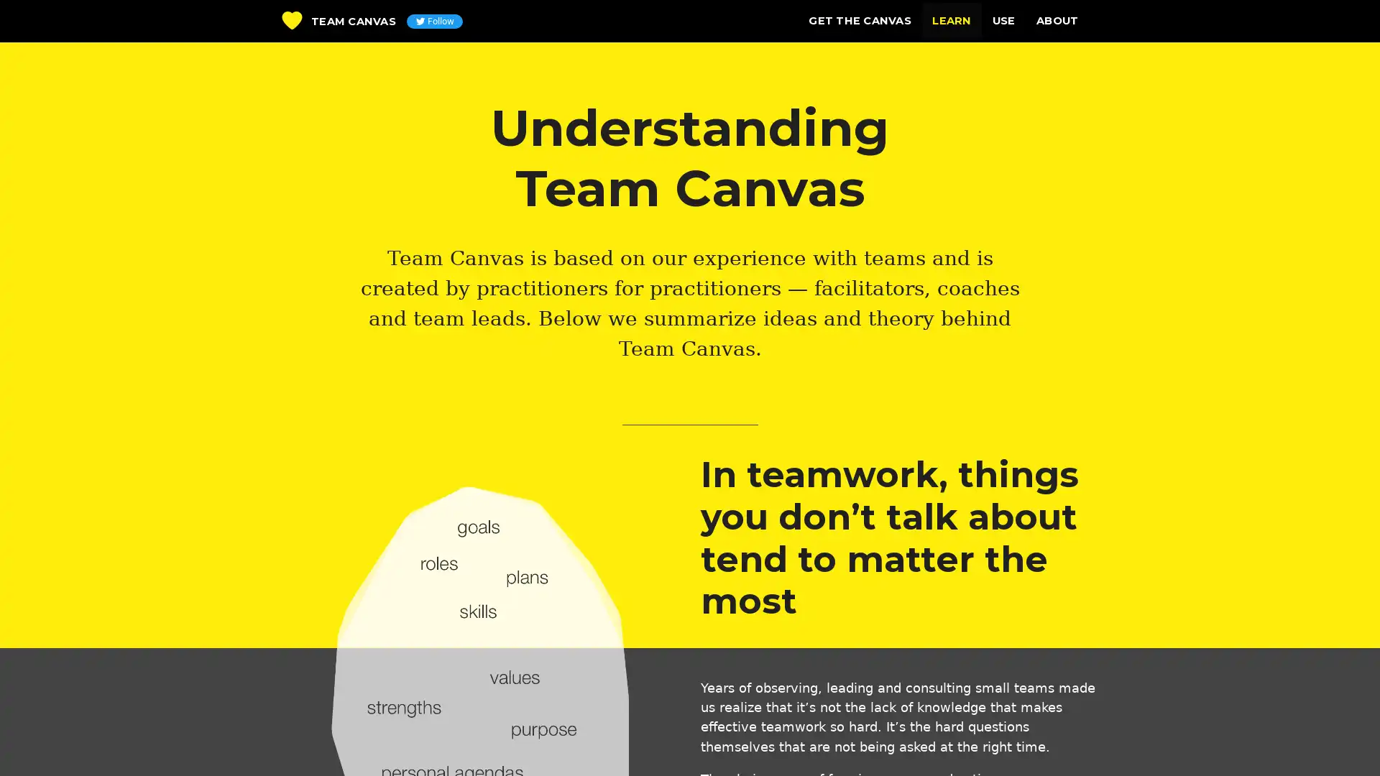 The image size is (1380, 776). Describe the element at coordinates (1340, 739) in the screenshot. I see `Questions? Chat with us! Support is online. Chat with The Team Canvas Team` at that location.